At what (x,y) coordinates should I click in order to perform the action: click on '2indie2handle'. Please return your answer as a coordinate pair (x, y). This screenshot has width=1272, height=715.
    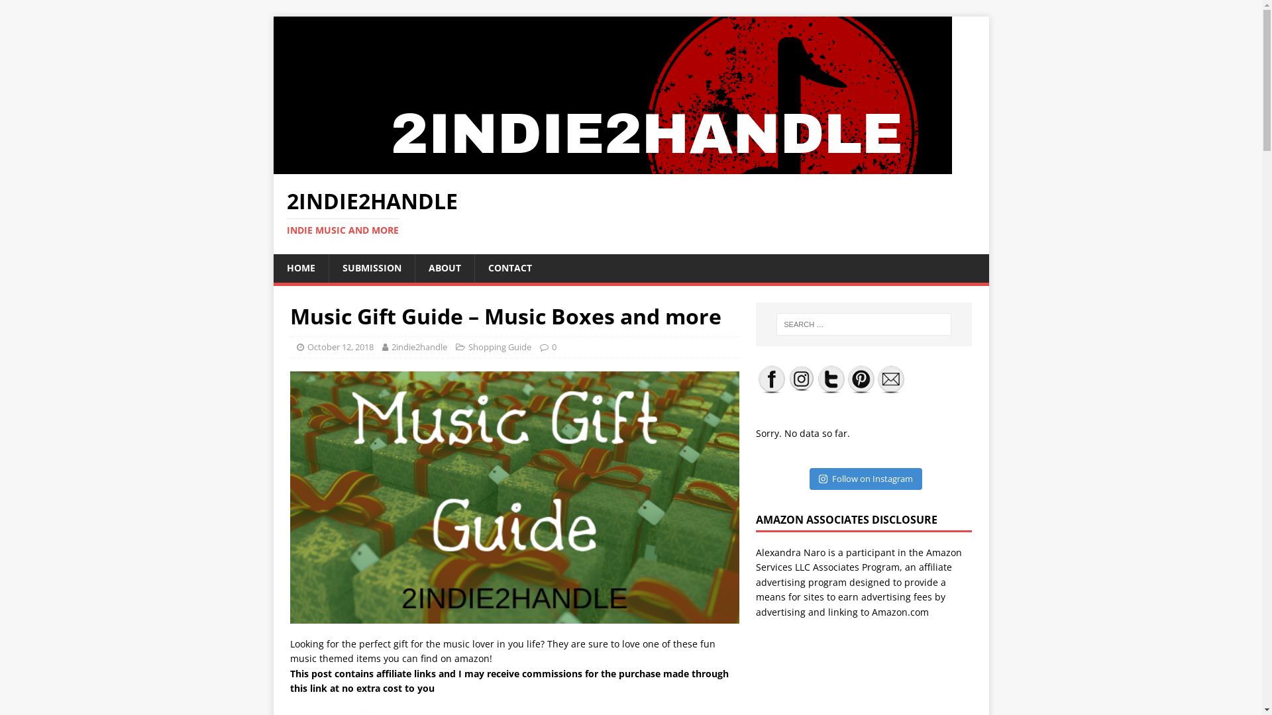
    Looking at the image, I should click on (418, 346).